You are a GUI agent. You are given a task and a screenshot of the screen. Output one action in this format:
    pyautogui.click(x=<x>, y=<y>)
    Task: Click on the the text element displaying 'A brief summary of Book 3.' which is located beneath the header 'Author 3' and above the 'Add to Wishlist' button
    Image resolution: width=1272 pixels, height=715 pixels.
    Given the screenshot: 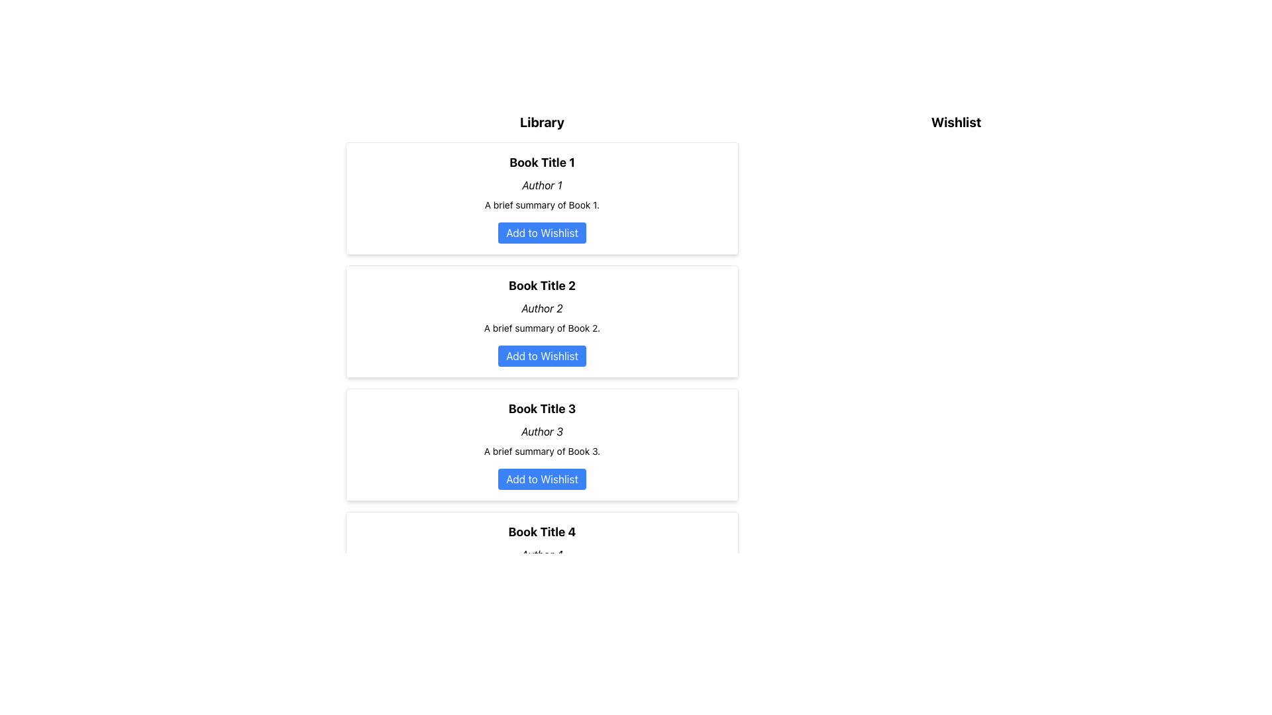 What is the action you would take?
    pyautogui.click(x=542, y=451)
    